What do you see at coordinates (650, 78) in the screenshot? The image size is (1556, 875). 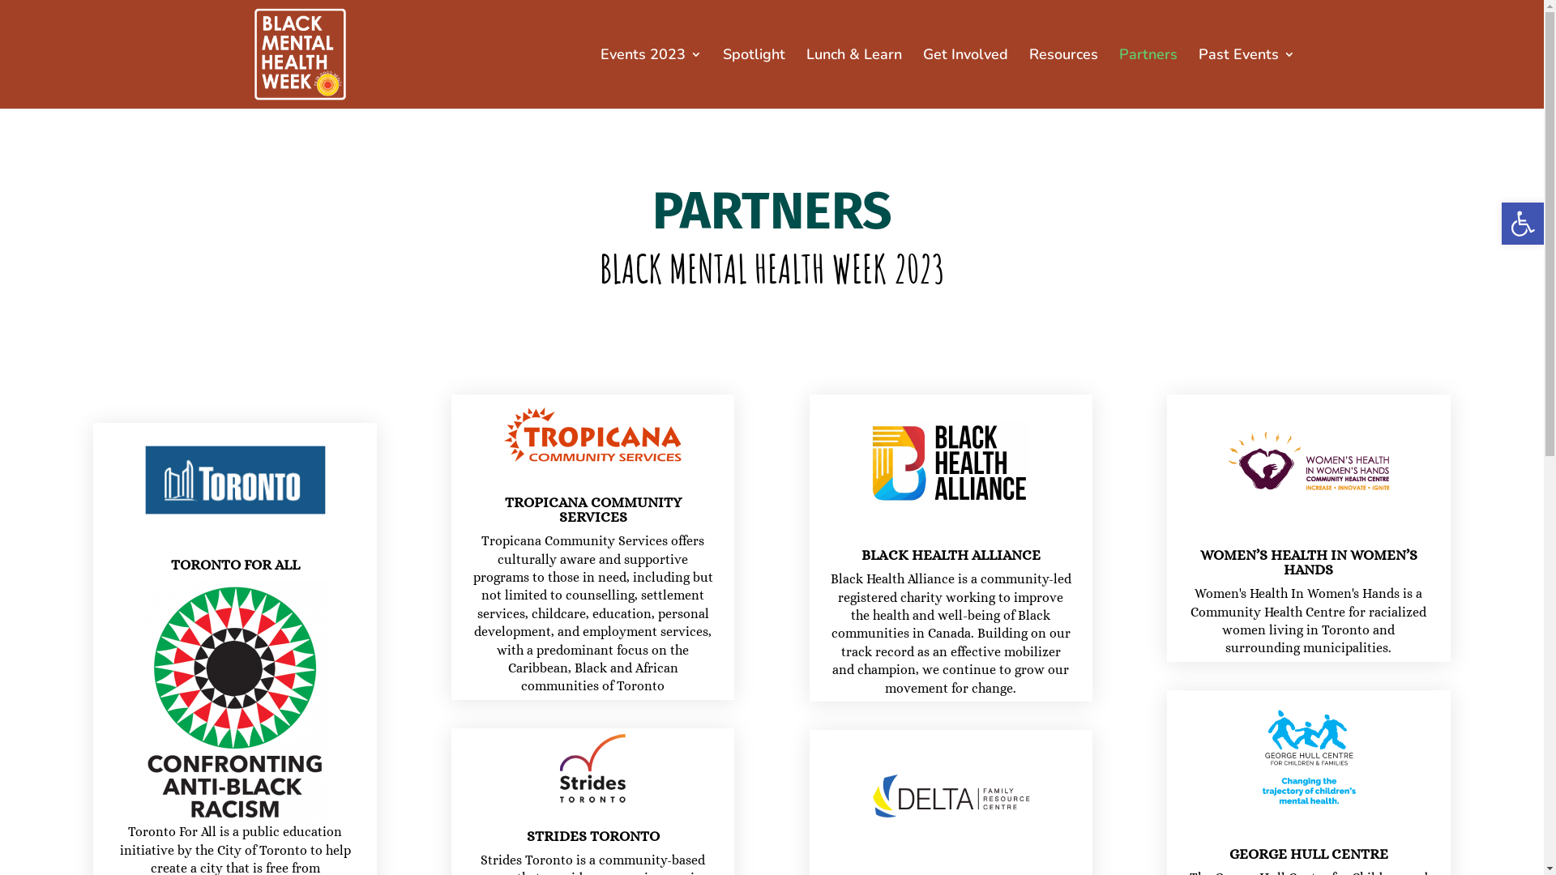 I see `'Events 2023'` at bounding box center [650, 78].